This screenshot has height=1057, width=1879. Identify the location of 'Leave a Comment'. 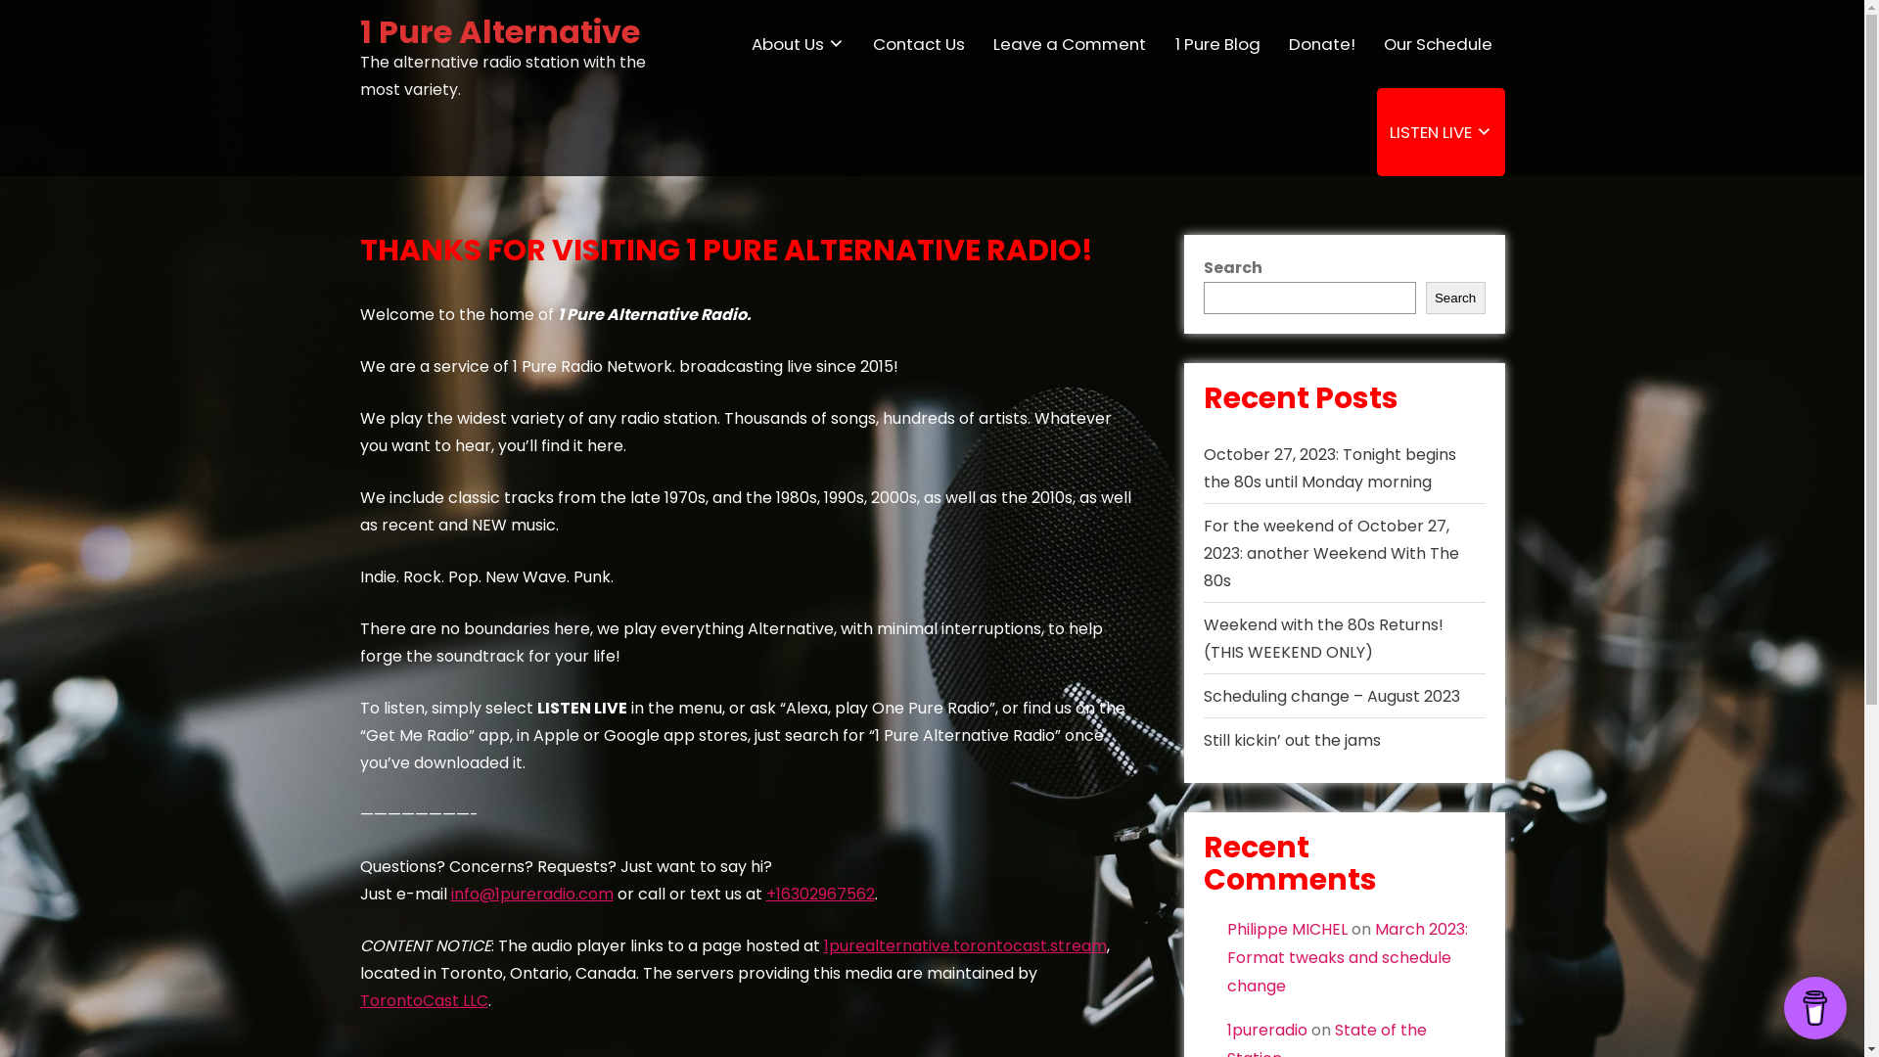
(1069, 44).